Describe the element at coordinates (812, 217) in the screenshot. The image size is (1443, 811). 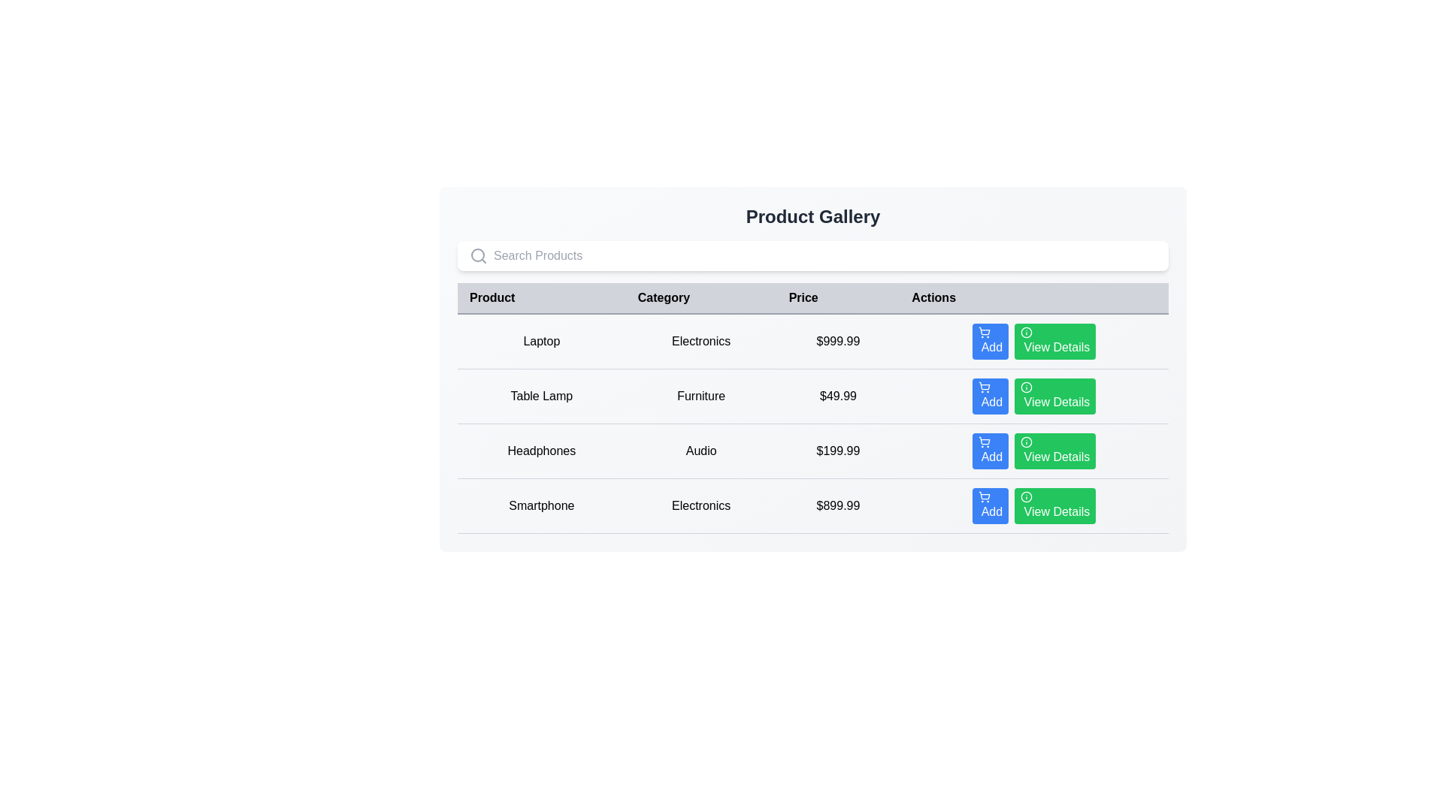
I see `the Text Label that serves as a title or heading, positioned above the search bar and product table, with a rounded light-gray background` at that location.